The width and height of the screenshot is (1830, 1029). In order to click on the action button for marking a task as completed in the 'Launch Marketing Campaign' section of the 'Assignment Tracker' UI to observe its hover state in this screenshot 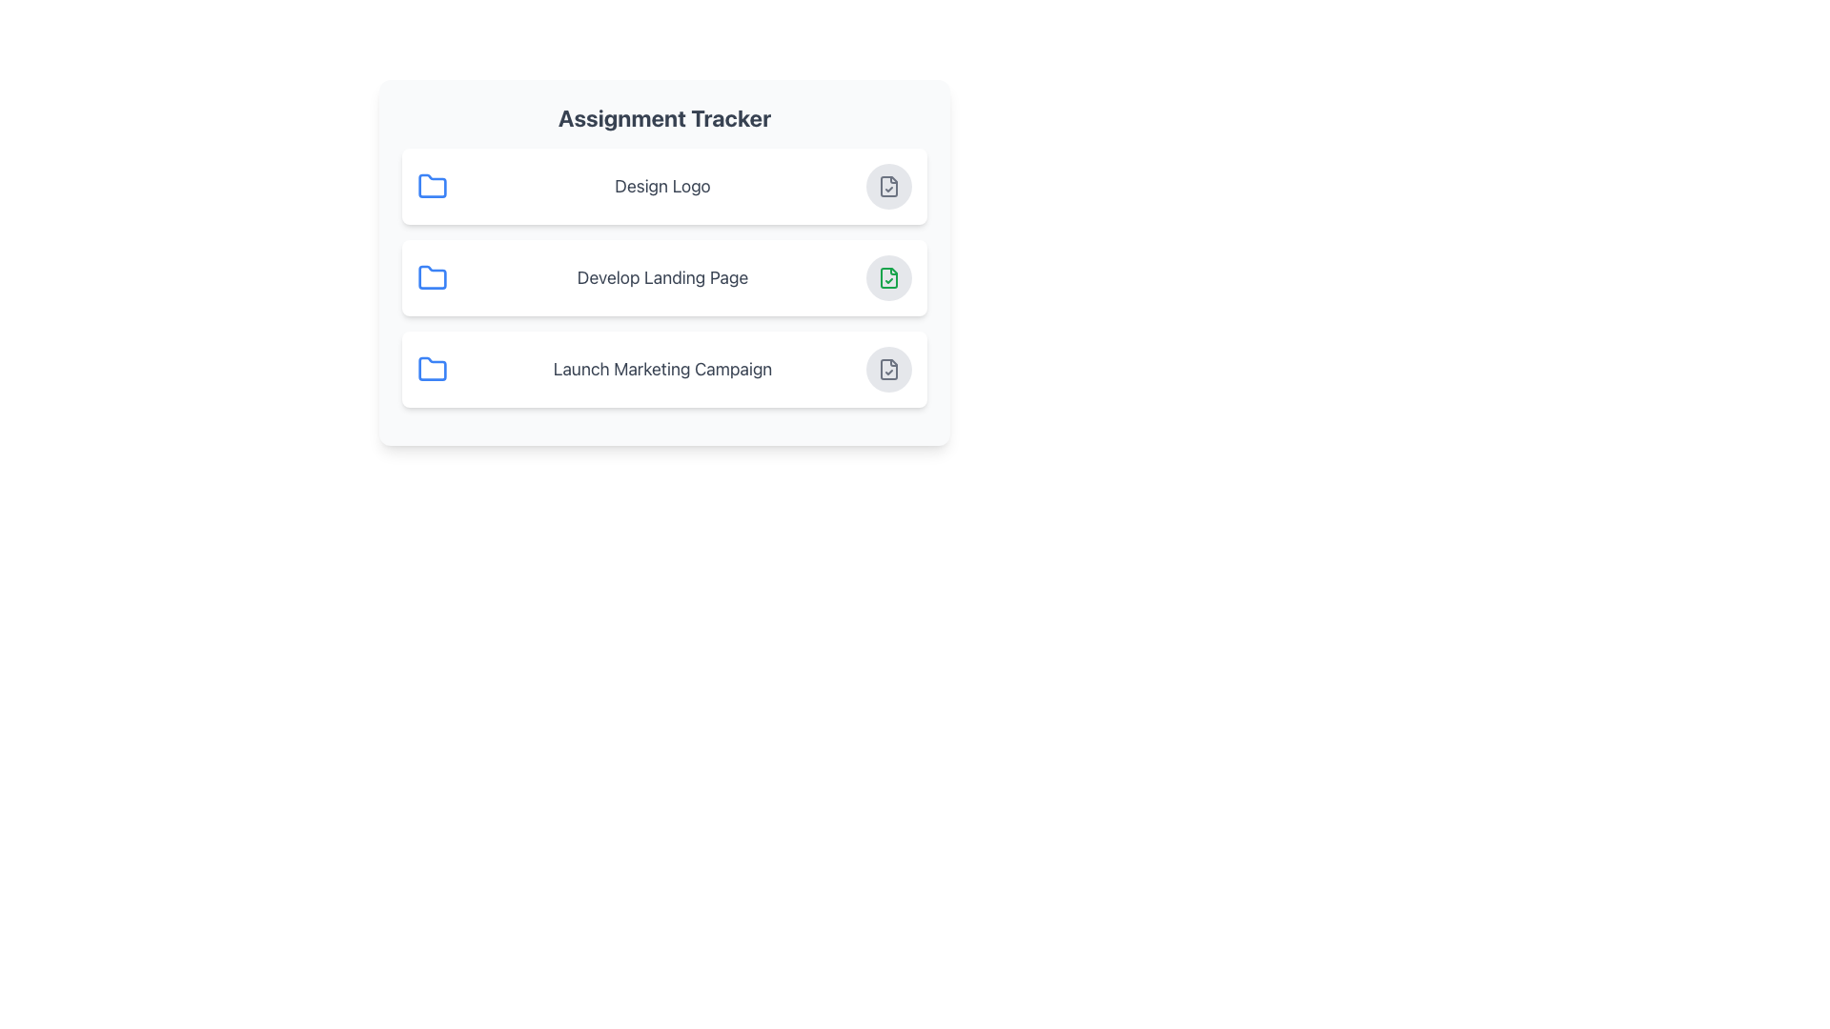, I will do `click(887, 370)`.